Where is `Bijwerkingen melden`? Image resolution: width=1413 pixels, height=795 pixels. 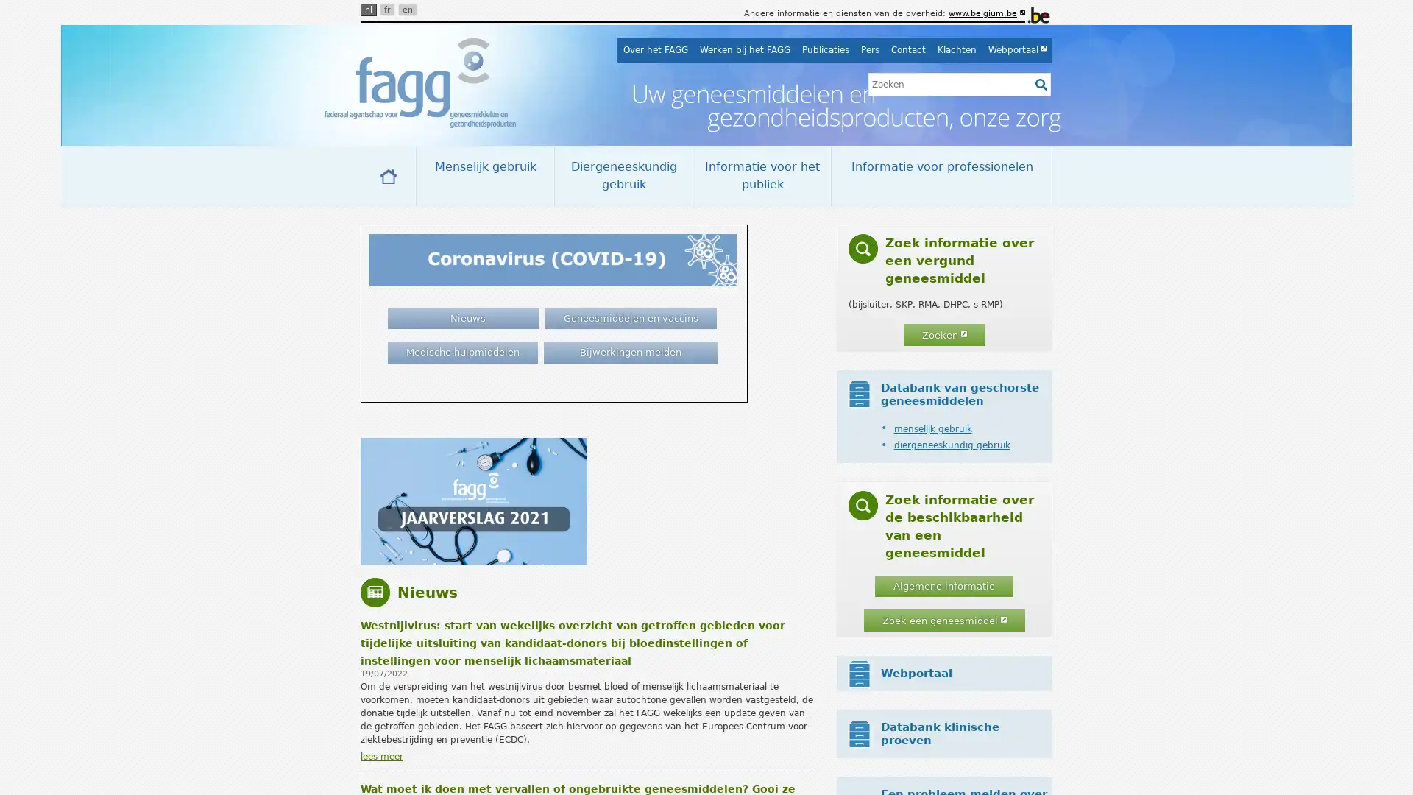 Bijwerkingen melden is located at coordinates (629, 352).